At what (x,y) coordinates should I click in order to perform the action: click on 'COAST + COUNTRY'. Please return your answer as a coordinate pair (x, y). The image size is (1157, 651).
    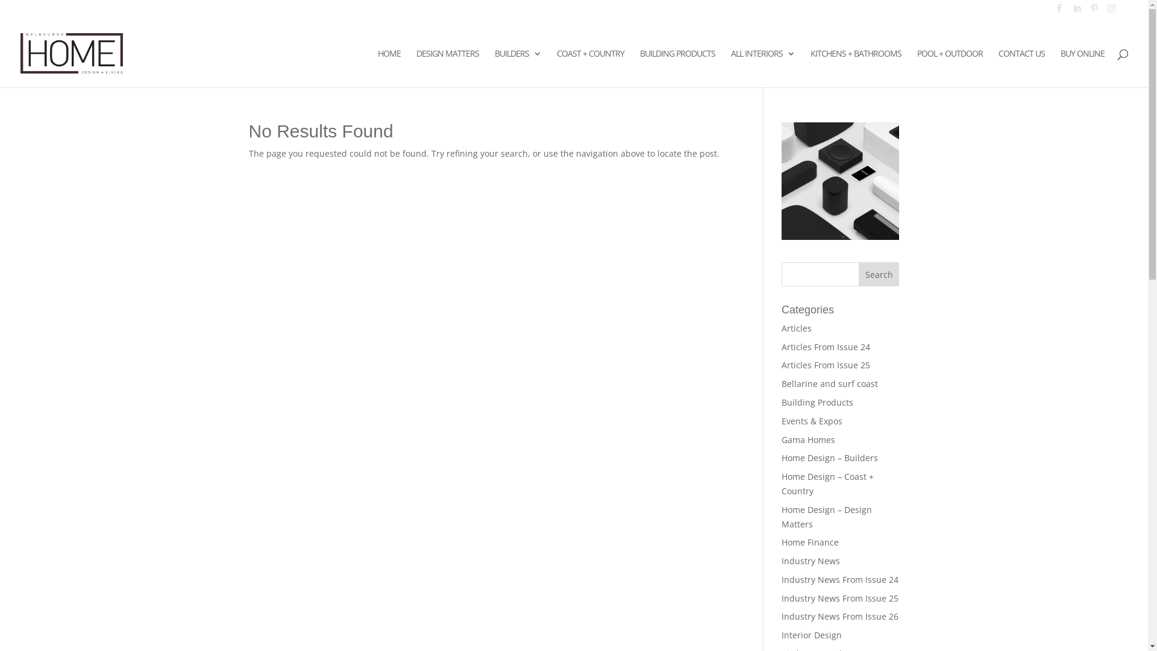
    Looking at the image, I should click on (590, 68).